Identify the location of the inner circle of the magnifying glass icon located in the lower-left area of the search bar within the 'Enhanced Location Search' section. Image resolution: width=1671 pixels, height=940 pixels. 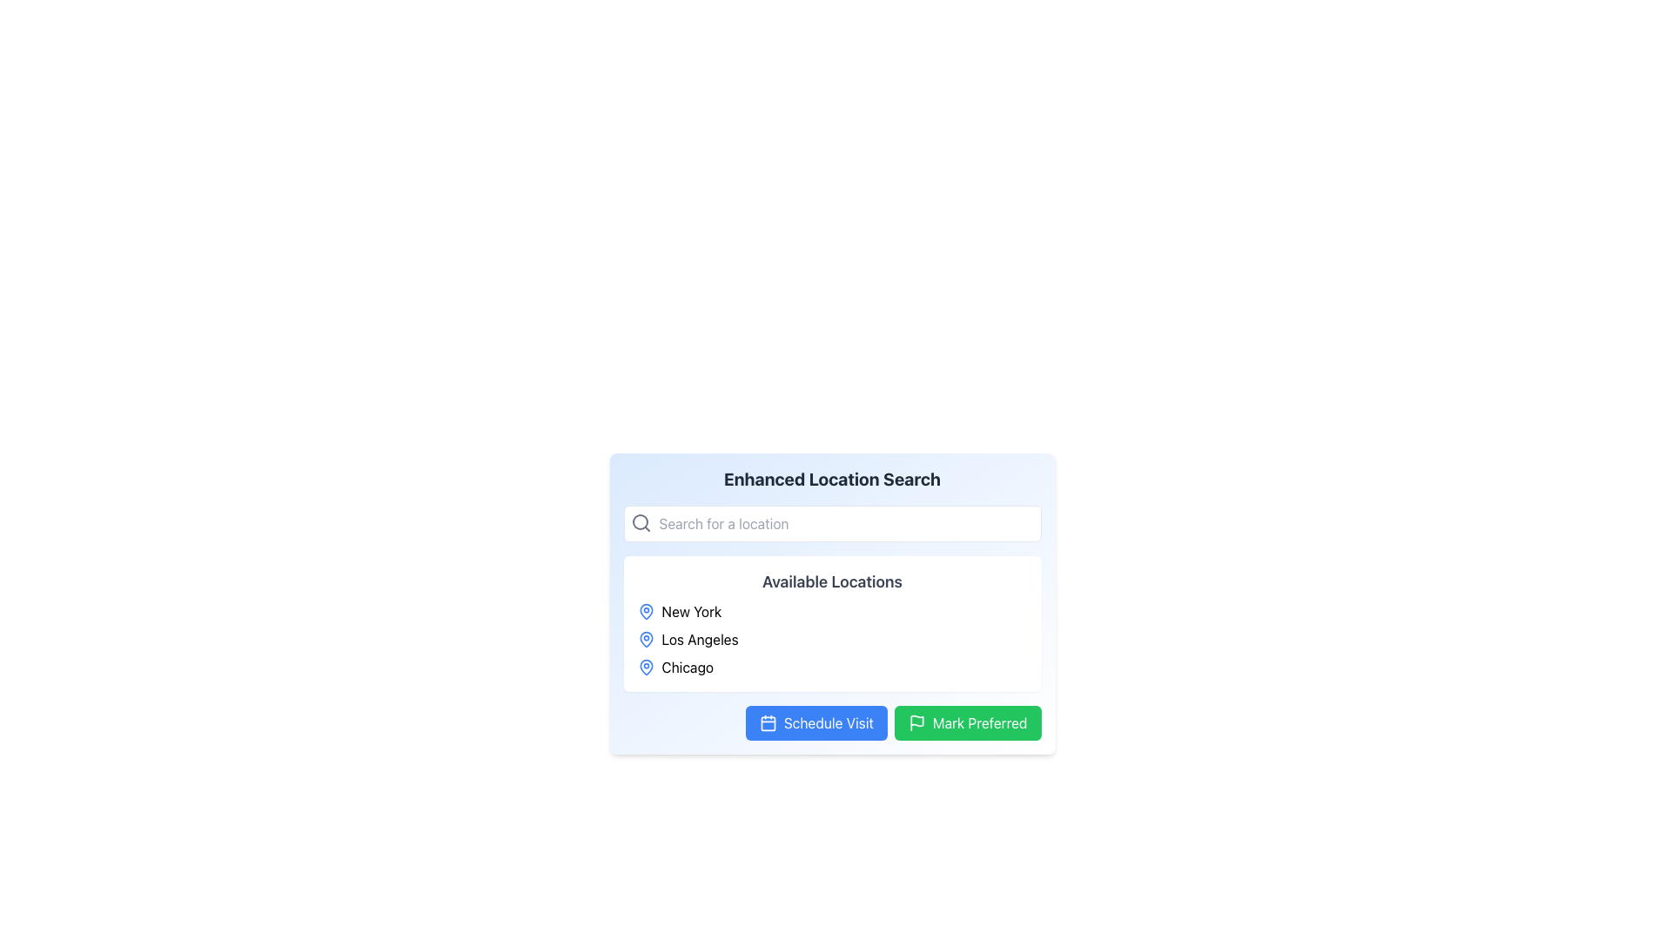
(639, 521).